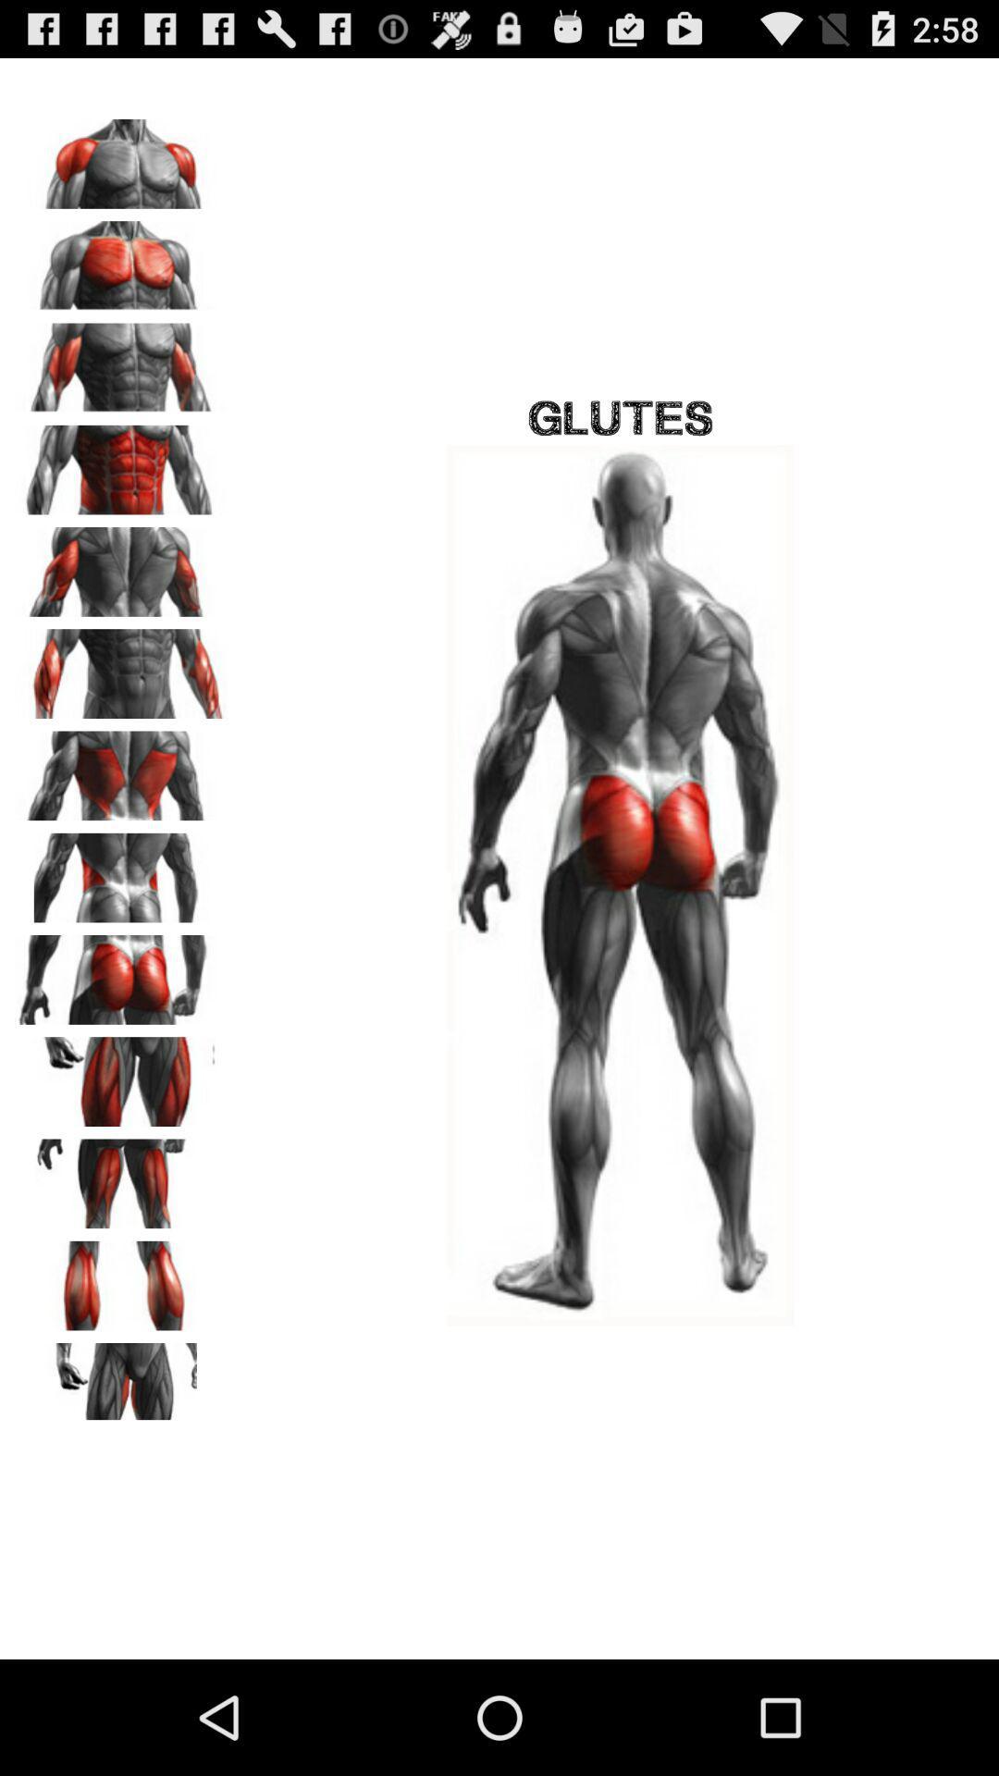 The image size is (999, 1776). Describe the element at coordinates (121, 1259) in the screenshot. I see `the font icon` at that location.